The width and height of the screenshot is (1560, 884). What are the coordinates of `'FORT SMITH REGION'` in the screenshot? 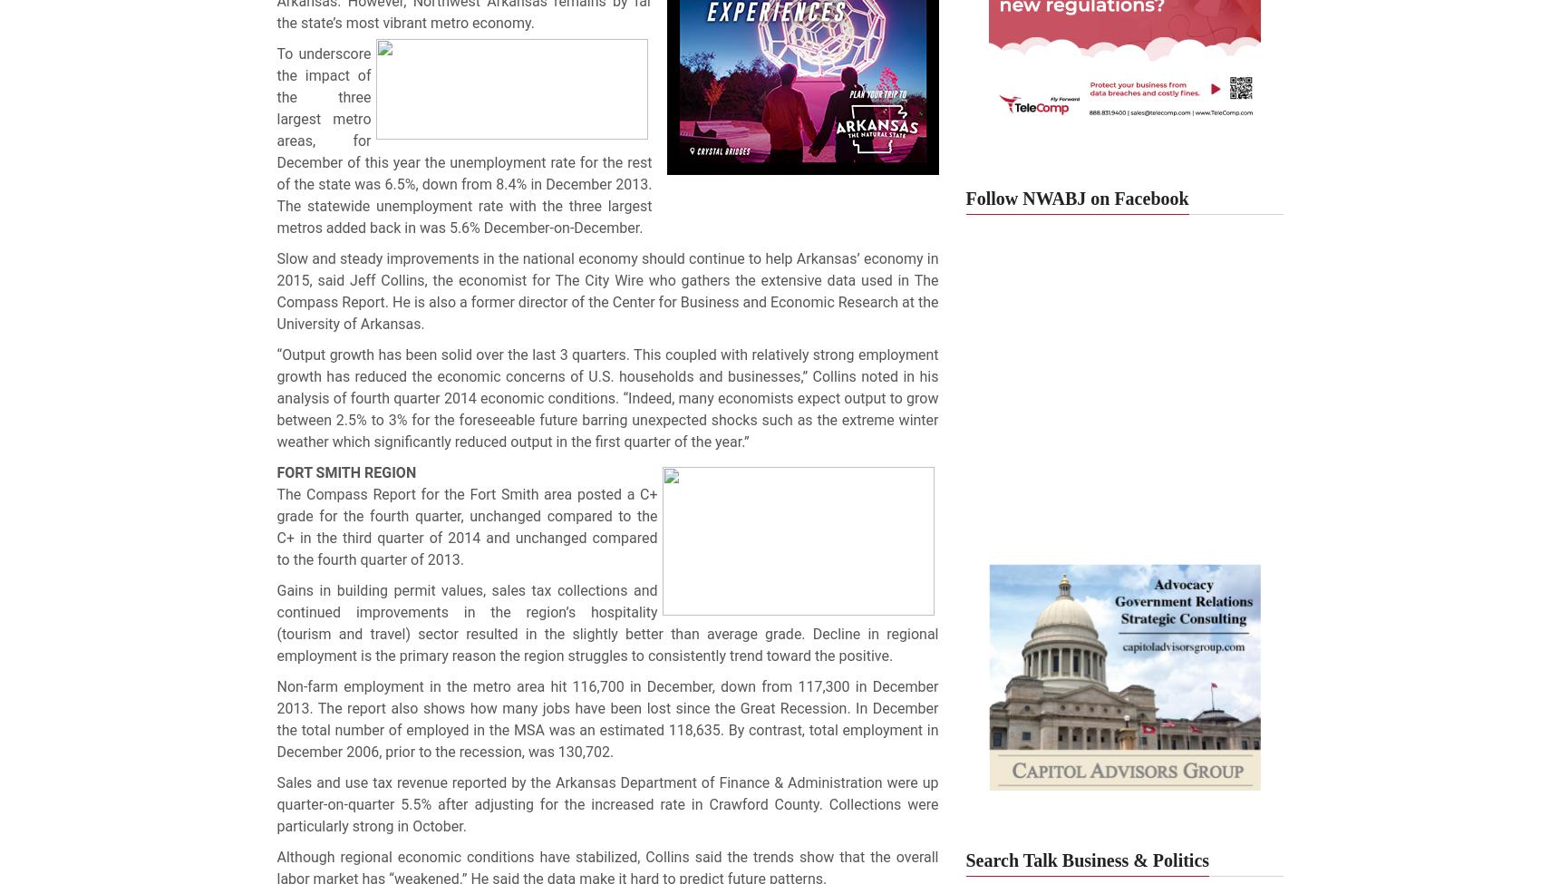 It's located at (346, 471).